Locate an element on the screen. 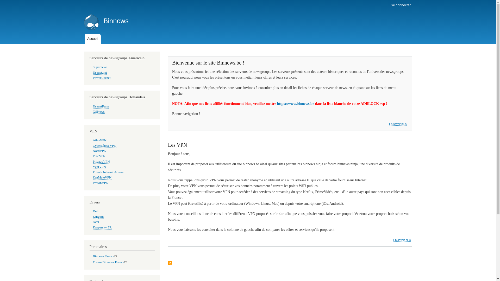  'Accueil' is located at coordinates (84, 39).